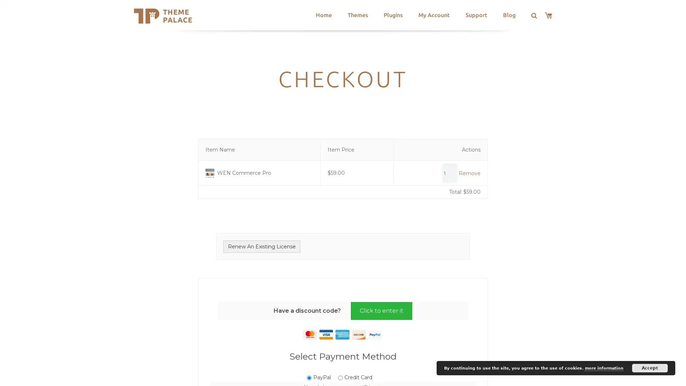  I want to click on Accept, so click(650, 368).